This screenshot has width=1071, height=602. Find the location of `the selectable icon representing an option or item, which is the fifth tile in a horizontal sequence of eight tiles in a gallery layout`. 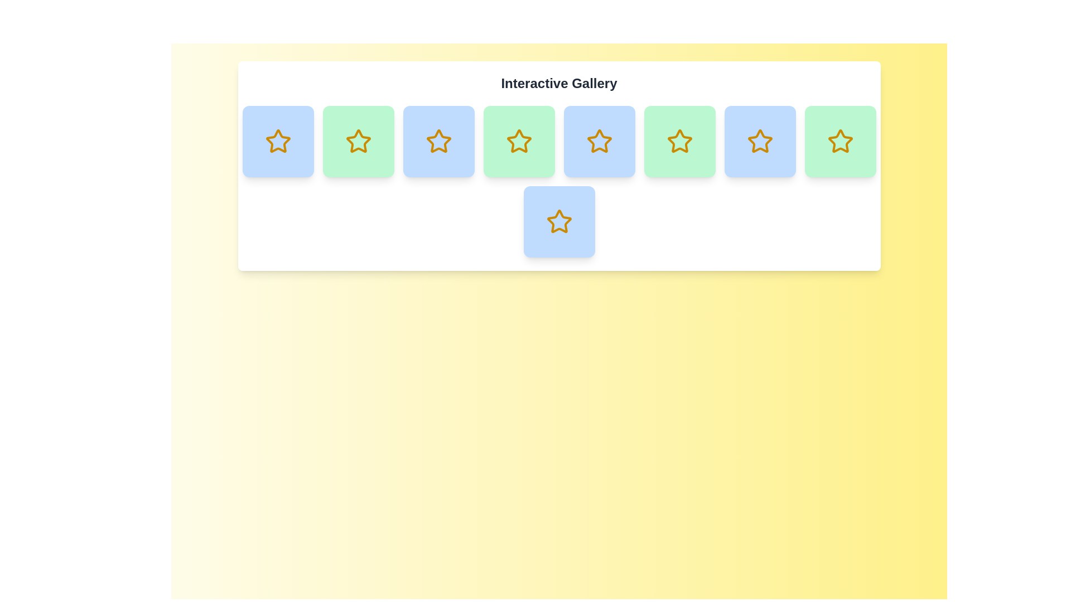

the selectable icon representing an option or item, which is the fifth tile in a horizontal sequence of eight tiles in a gallery layout is located at coordinates (559, 221).